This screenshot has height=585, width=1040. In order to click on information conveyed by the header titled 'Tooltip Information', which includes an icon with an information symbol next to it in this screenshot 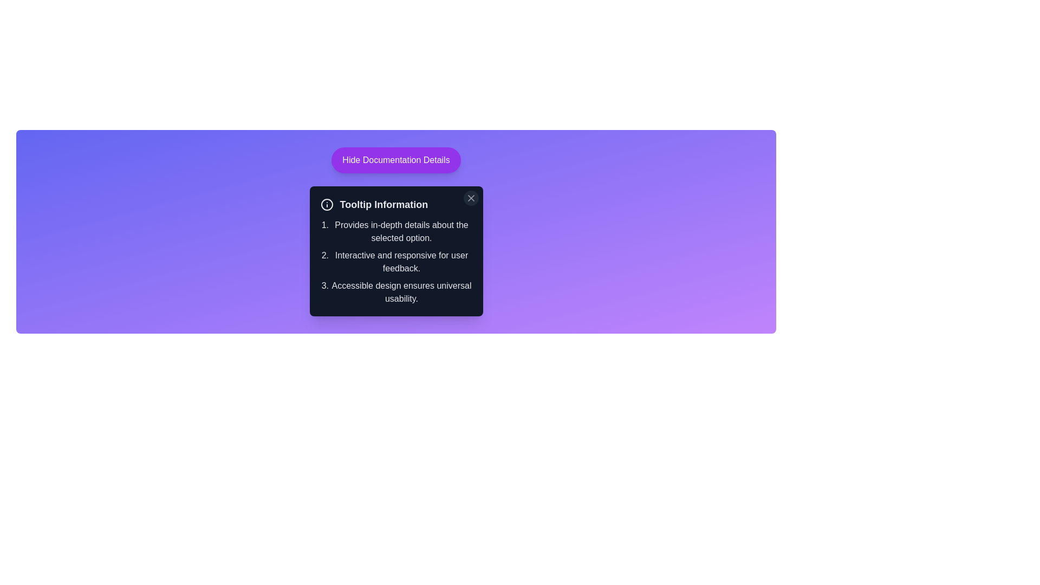, I will do `click(395, 205)`.